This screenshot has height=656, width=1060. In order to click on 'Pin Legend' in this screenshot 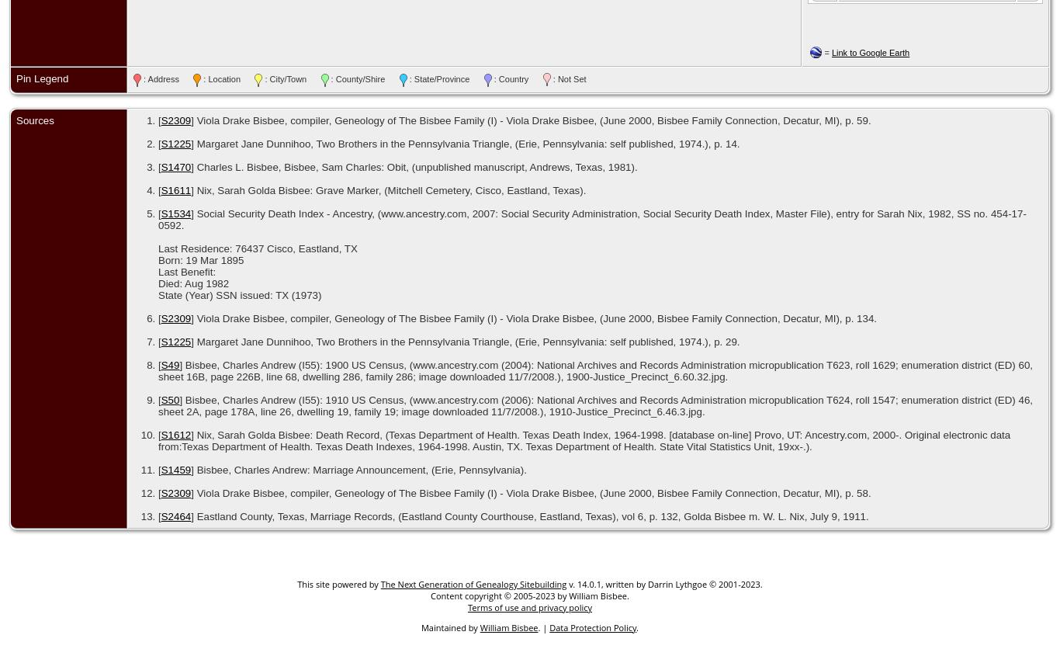, I will do `click(42, 78)`.